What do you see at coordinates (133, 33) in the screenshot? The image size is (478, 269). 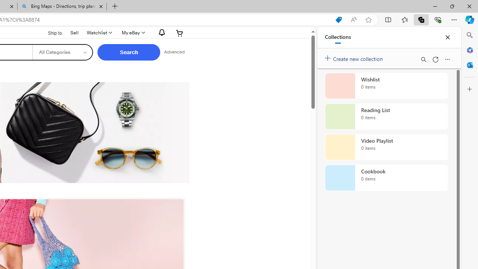 I see `'My eBay'` at bounding box center [133, 33].